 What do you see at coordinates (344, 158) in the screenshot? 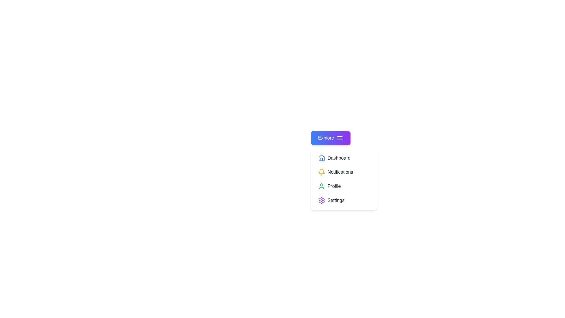
I see `the 'Dashboard' option in the menu` at bounding box center [344, 158].